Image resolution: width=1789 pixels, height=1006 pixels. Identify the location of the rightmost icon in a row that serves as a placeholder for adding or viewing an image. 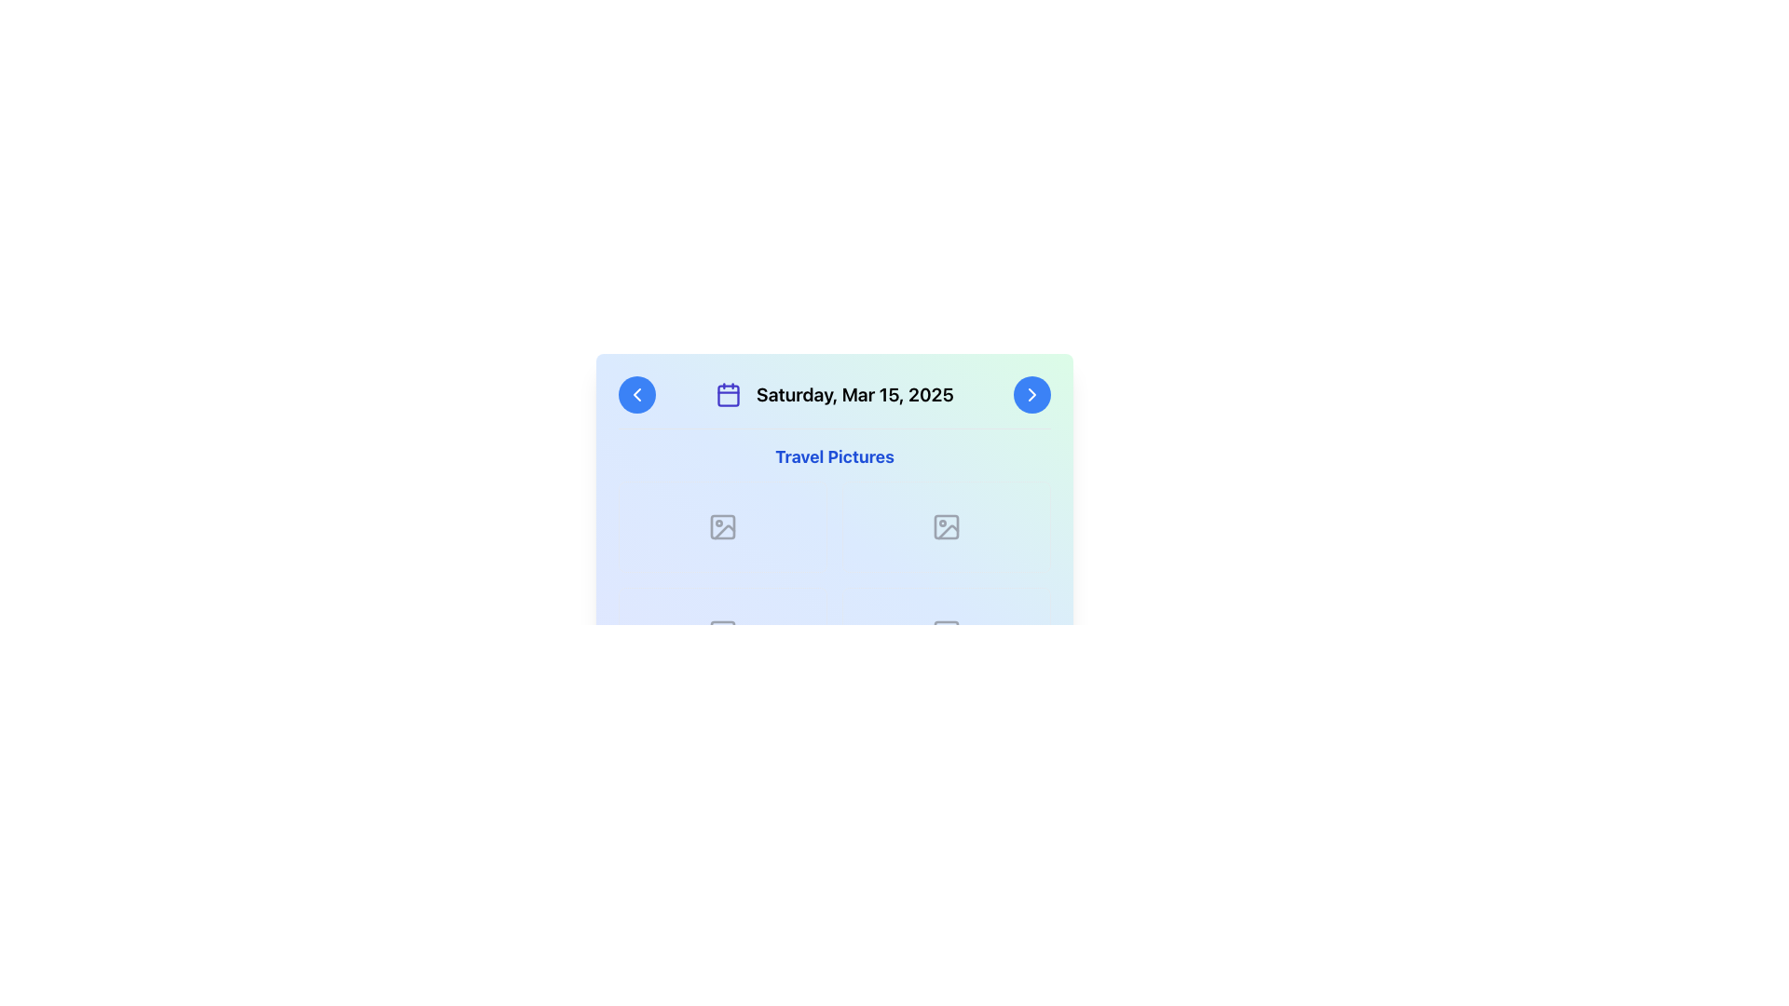
(947, 527).